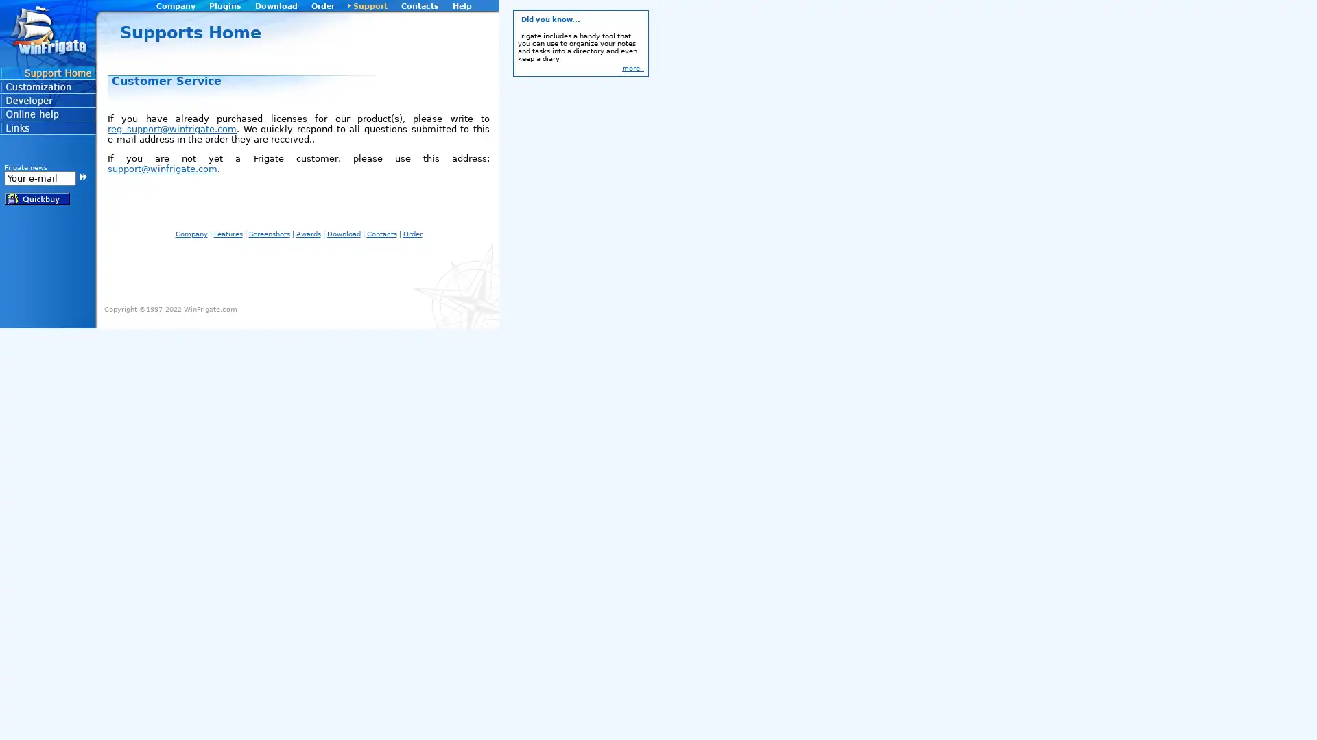 Image resolution: width=1317 pixels, height=740 pixels. Describe the element at coordinates (82, 175) in the screenshot. I see `go` at that location.